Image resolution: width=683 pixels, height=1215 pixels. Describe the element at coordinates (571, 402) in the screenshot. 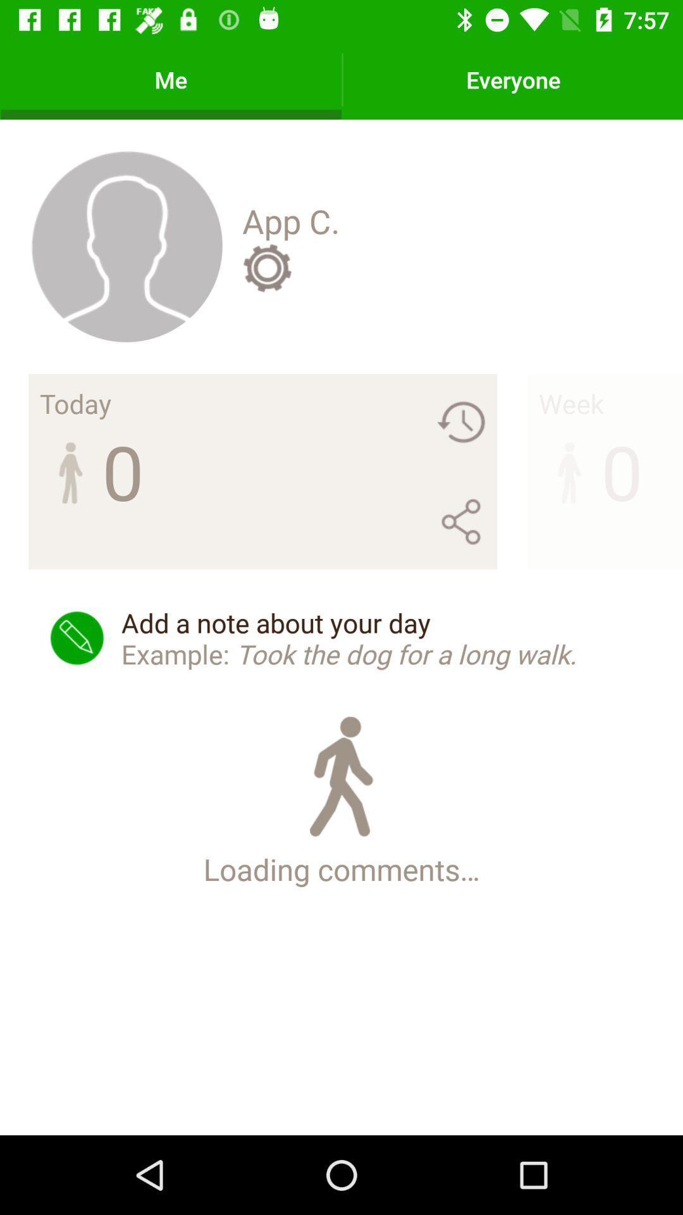

I see `the item above 0 icon` at that location.